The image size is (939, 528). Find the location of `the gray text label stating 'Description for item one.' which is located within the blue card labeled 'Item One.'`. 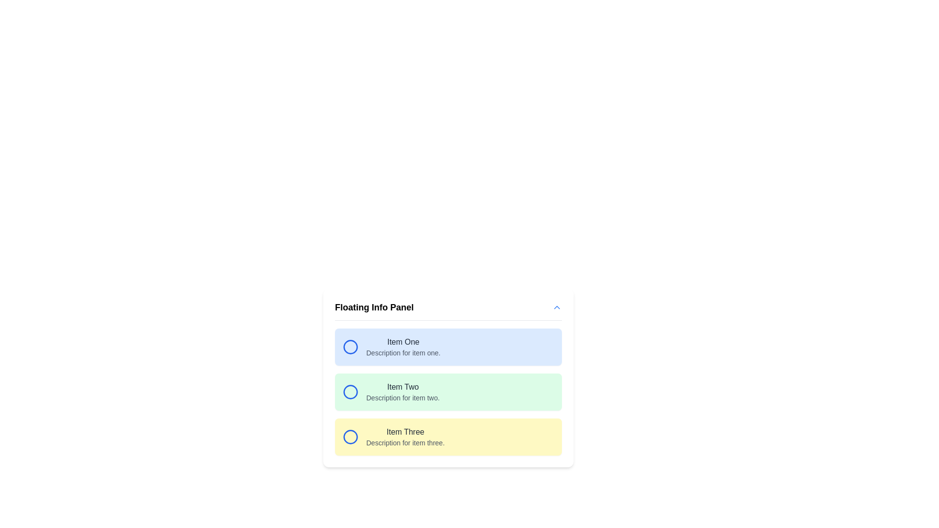

the gray text label stating 'Description for item one.' which is located within the blue card labeled 'Item One.' is located at coordinates (403, 352).